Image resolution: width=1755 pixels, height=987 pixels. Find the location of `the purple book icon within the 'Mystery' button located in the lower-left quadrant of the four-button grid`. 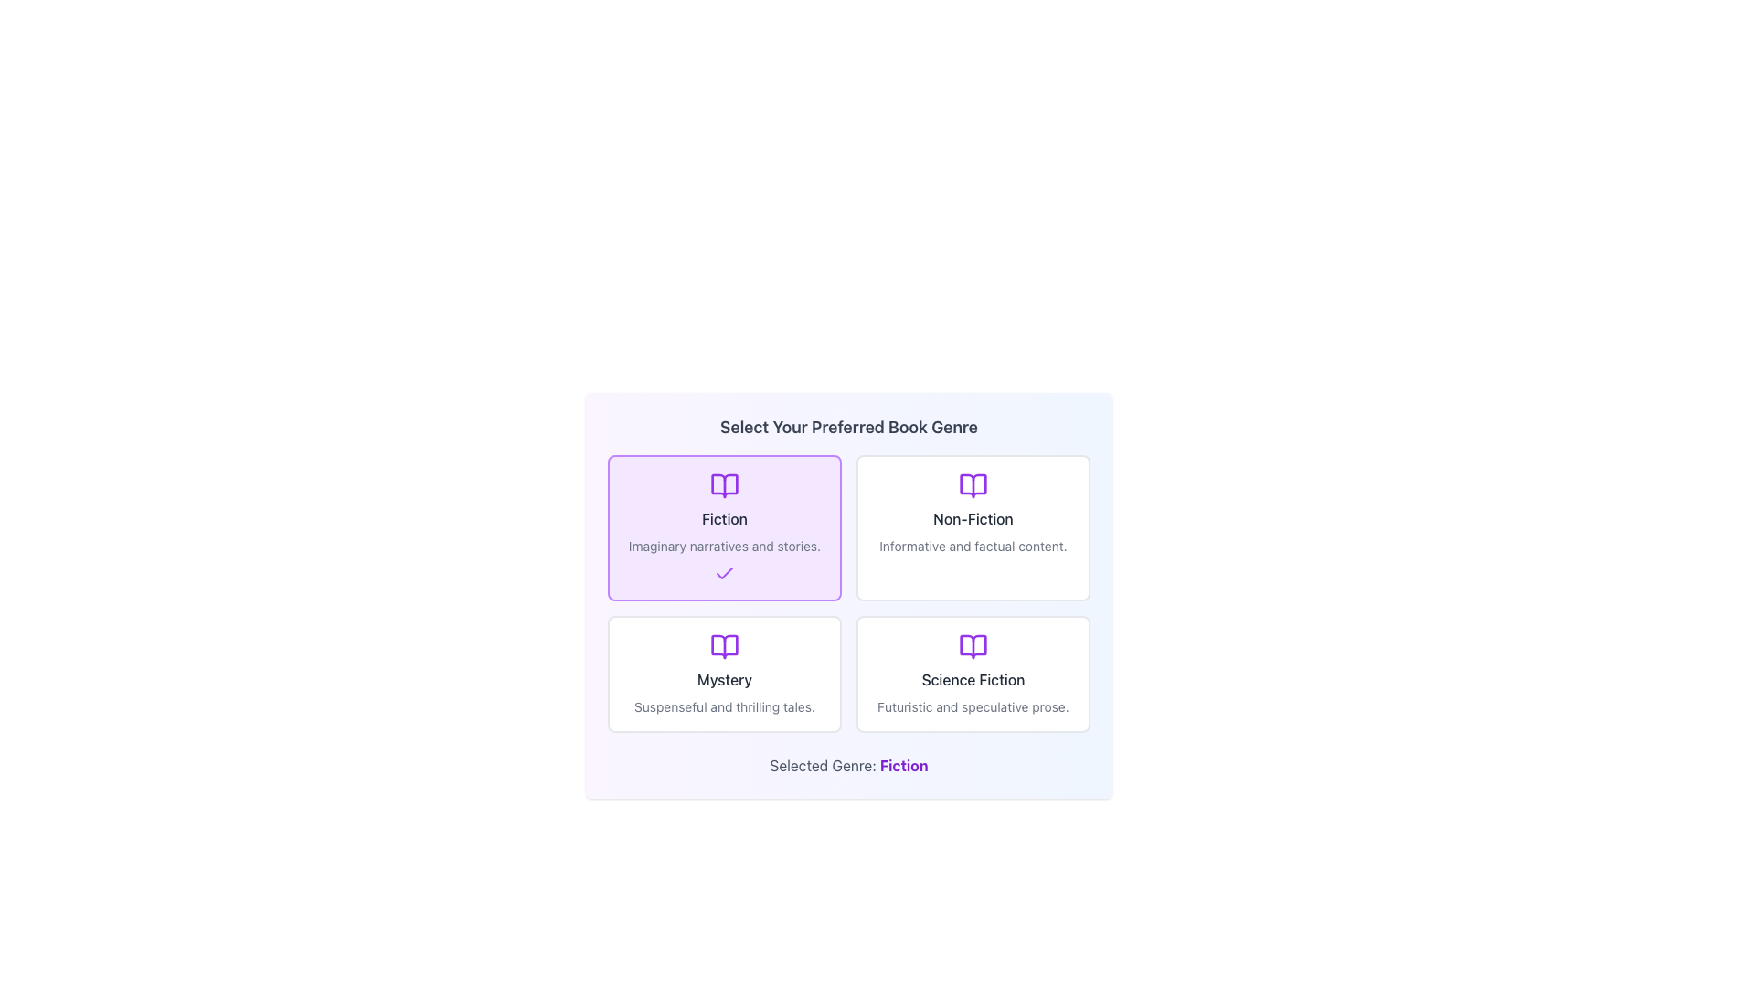

the purple book icon within the 'Mystery' button located in the lower-left quadrant of the four-button grid is located at coordinates (723, 646).